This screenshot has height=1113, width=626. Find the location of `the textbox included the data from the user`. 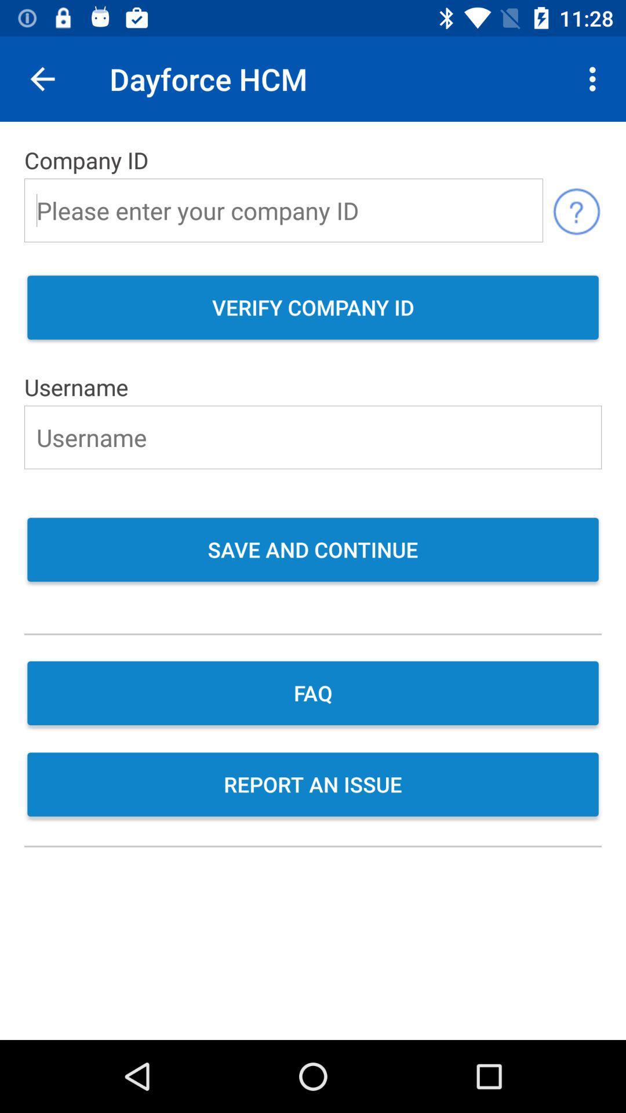

the textbox included the data from the user is located at coordinates (313, 437).